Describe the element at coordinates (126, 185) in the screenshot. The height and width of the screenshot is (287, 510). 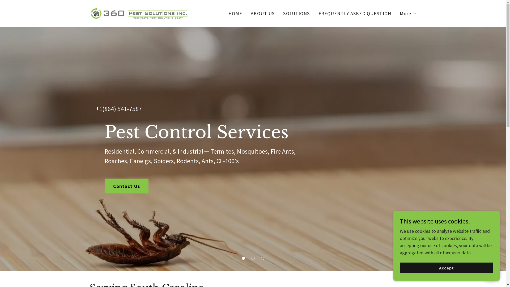
I see `'Contact Us'` at that location.